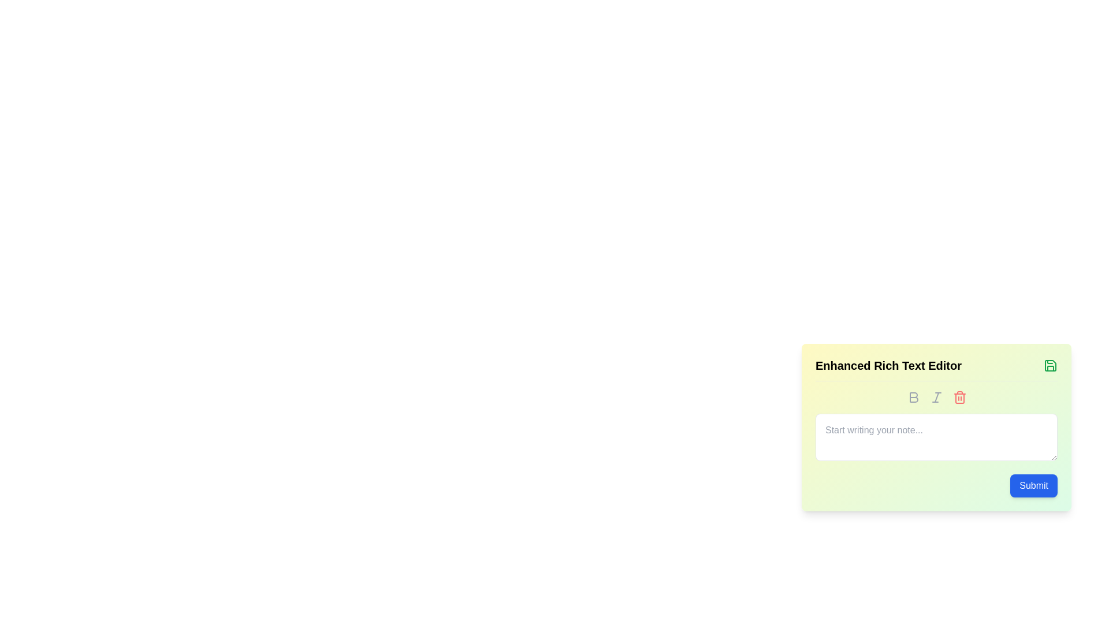 The height and width of the screenshot is (624, 1109). What do you see at coordinates (936, 396) in the screenshot?
I see `the italic text action button, represented by a gray icon with an angled 'I' shape, located in the horizontal menu bar above the text input field` at bounding box center [936, 396].